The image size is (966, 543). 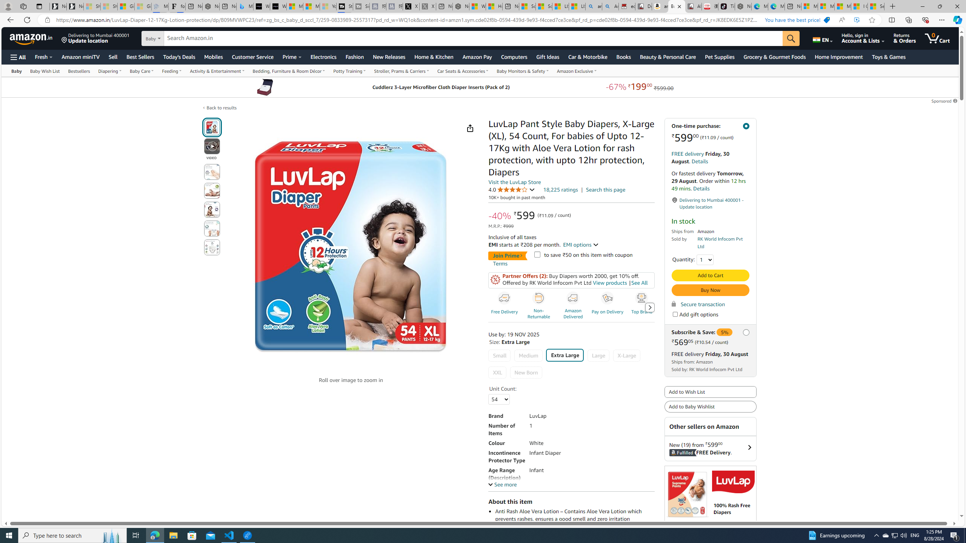 I want to click on 'Free Delivery', so click(x=504, y=298).